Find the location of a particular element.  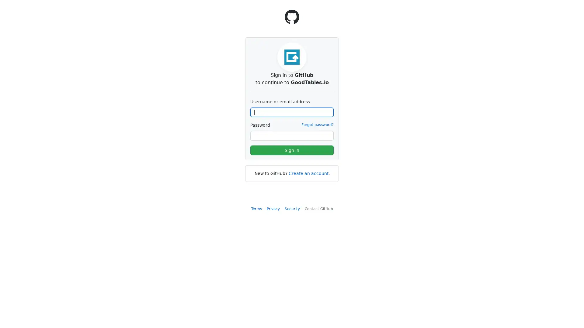

Sign in is located at coordinates (292, 150).